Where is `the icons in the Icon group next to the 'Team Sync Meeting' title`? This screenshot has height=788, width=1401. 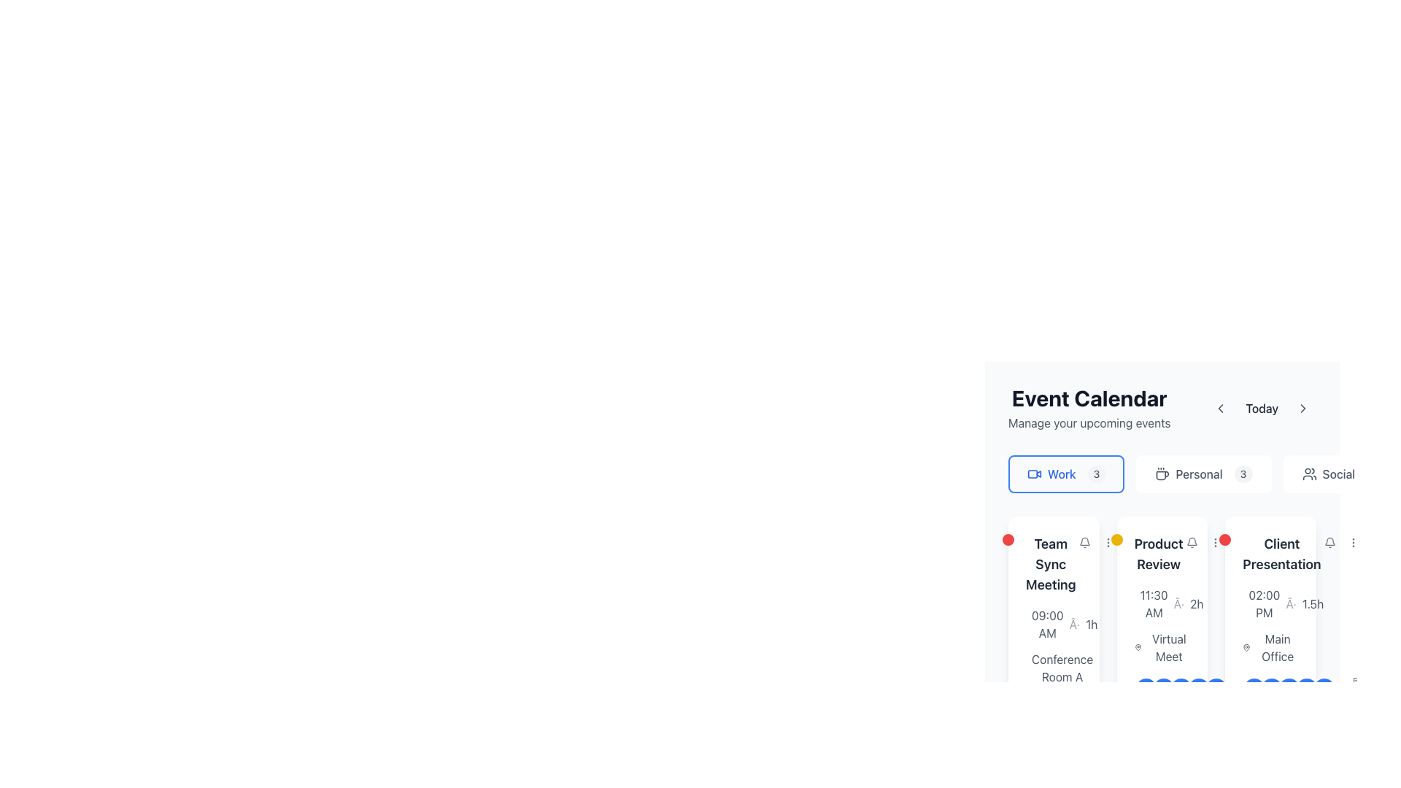
the icons in the Icon group next to the 'Team Sync Meeting' title is located at coordinates (1096, 543).